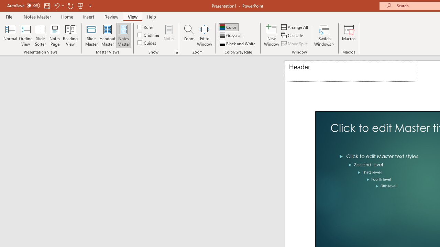 The width and height of the screenshot is (440, 247). I want to click on 'Notes Page', so click(55, 35).